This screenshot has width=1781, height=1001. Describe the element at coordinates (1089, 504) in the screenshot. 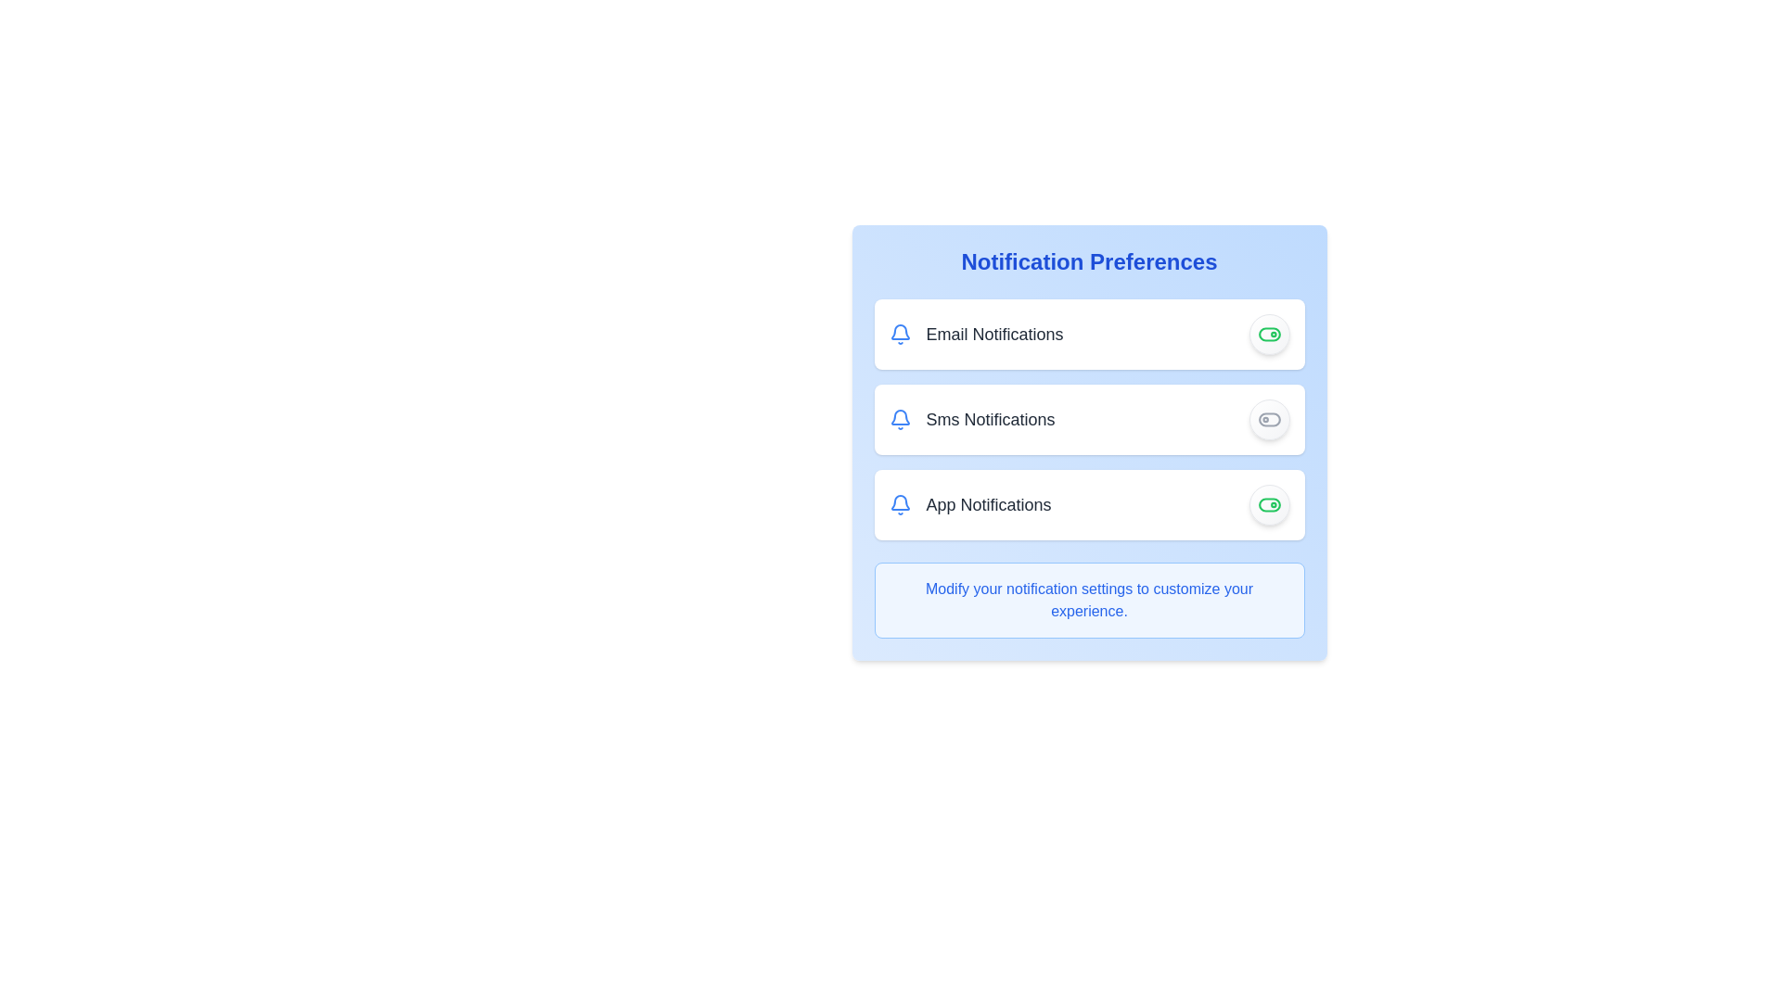

I see `the toggle switch within the third item of the notification preferences list` at that location.